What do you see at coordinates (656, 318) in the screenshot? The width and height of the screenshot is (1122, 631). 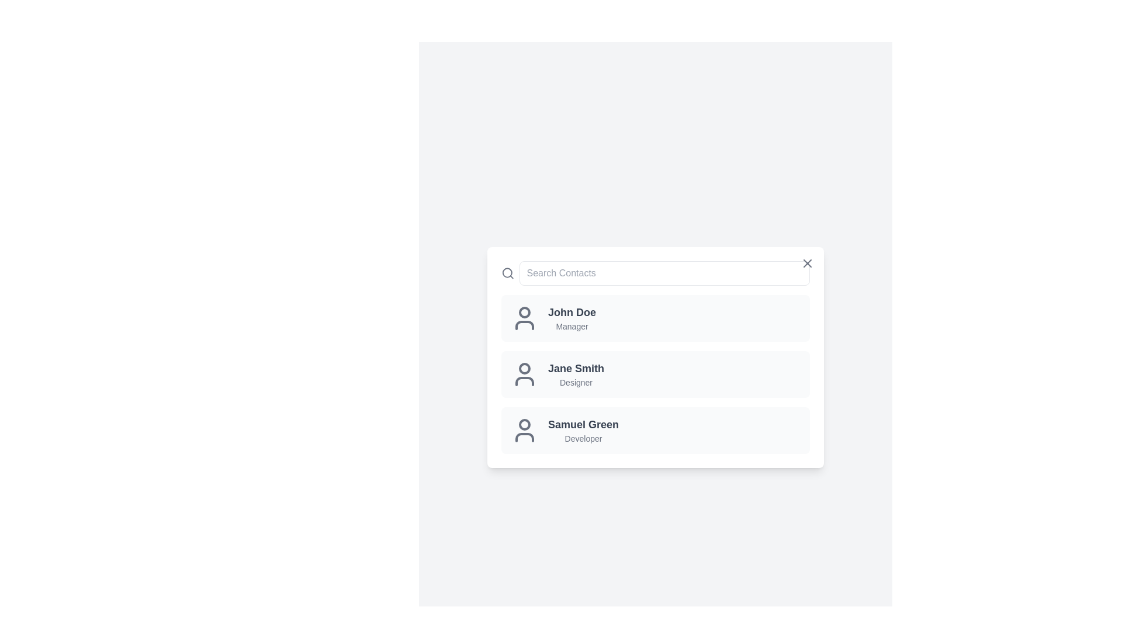 I see `the contact John Doe from the list` at bounding box center [656, 318].